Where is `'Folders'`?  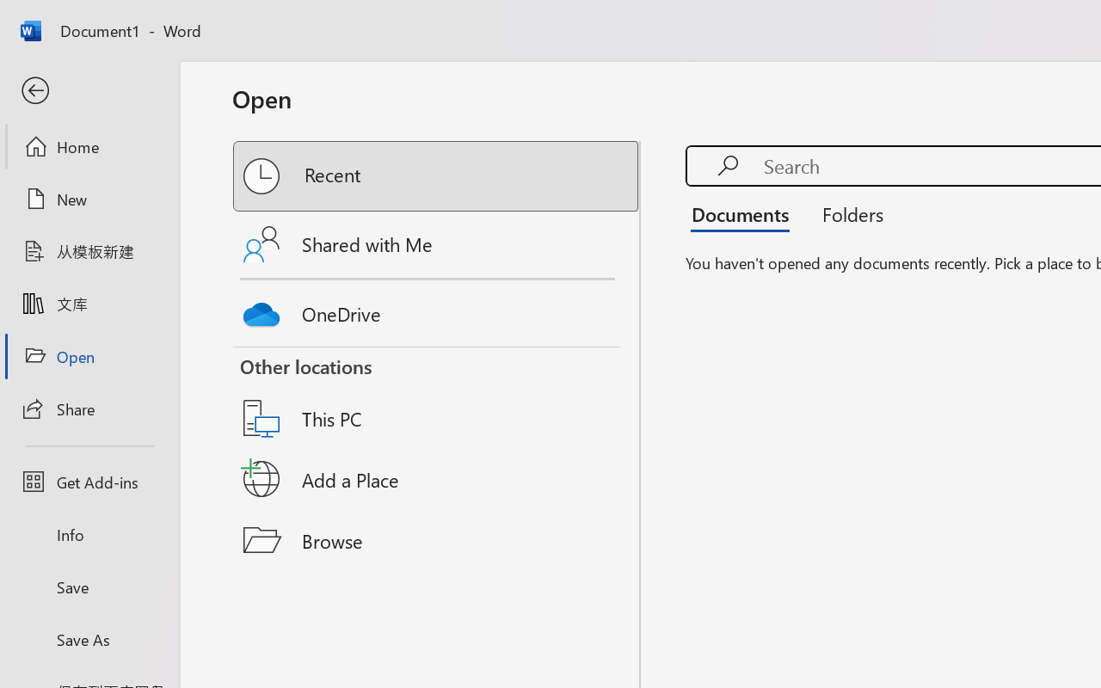 'Folders' is located at coordinates (846, 213).